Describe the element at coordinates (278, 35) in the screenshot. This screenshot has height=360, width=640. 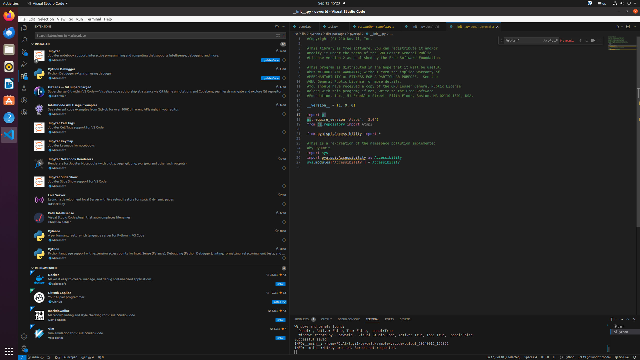
I see `'Clear Extensions Search Results'` at that location.